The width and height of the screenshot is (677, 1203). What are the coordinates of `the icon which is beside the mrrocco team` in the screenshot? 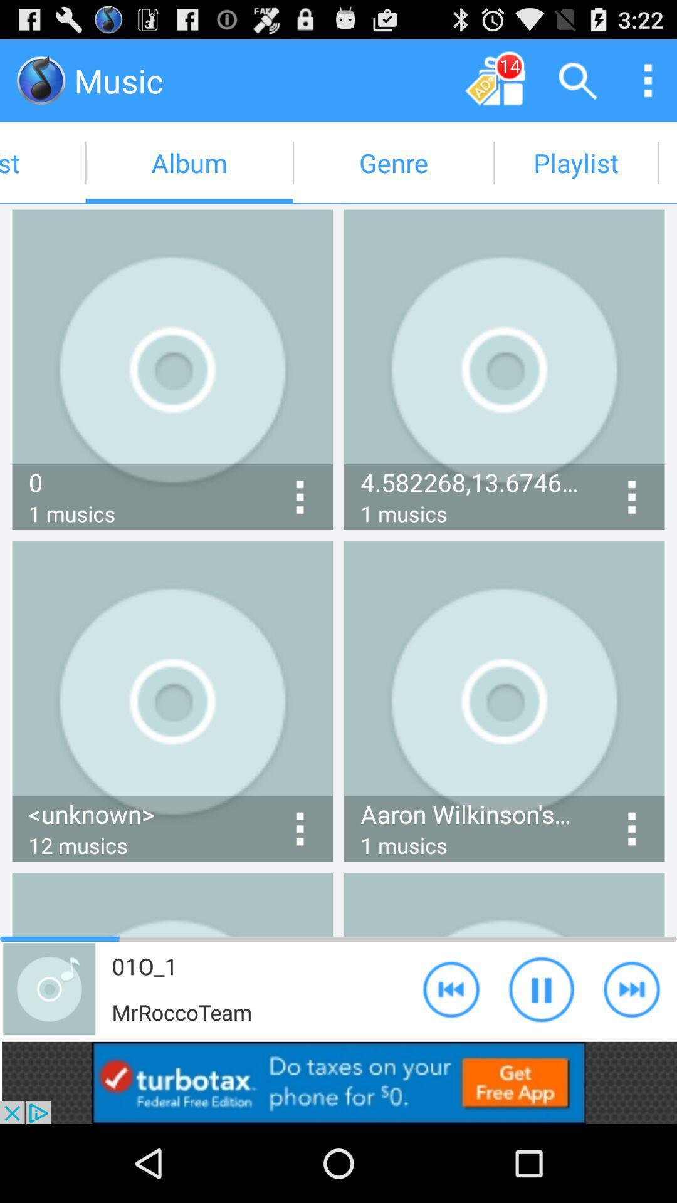 It's located at (48, 988).